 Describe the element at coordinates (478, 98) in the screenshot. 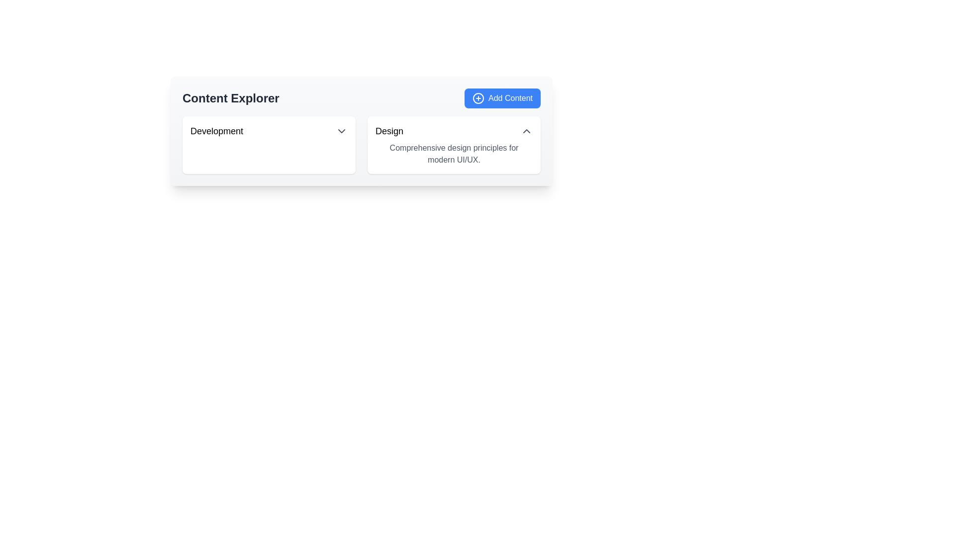

I see `the SVG graphic element (circle) located in the top-right section of the panel, which is part of the 'Add Content' button` at that location.